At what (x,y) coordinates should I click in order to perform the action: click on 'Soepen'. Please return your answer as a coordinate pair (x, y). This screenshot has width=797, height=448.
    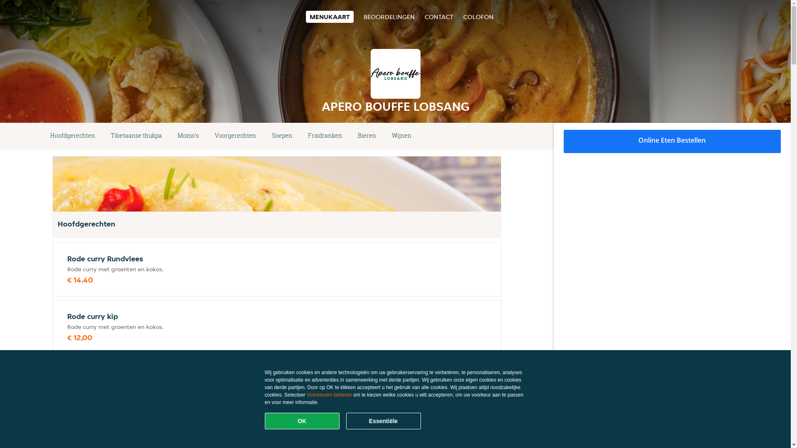
    Looking at the image, I should click on (282, 135).